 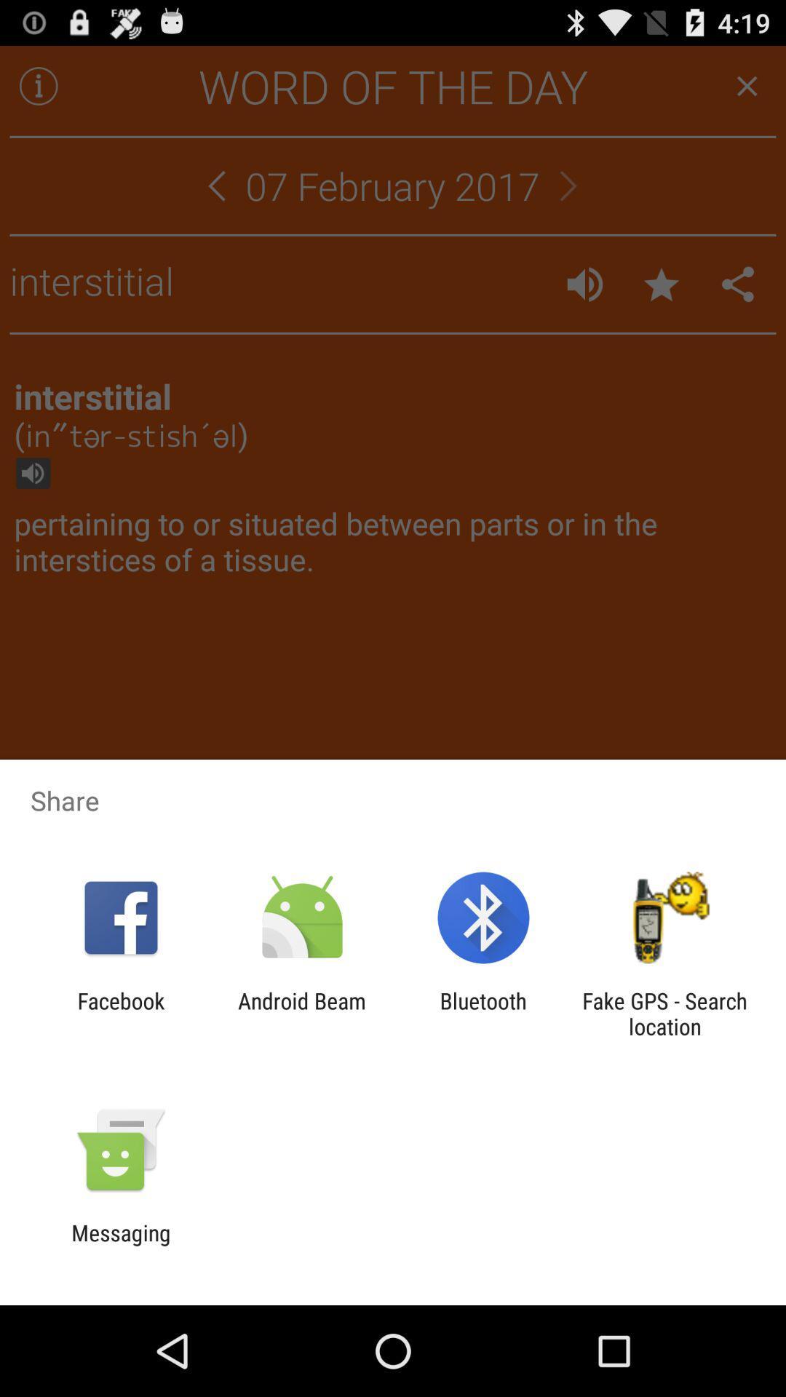 I want to click on facebook item, so click(x=120, y=1013).